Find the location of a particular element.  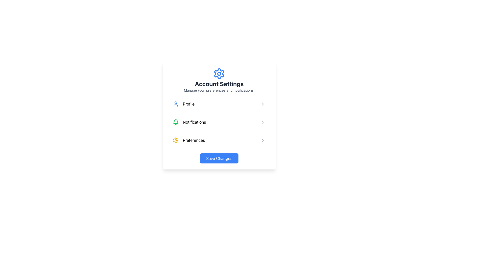

the navigational item list containing 'Profile', 'Notifications', and 'Preferences' is located at coordinates (219, 122).